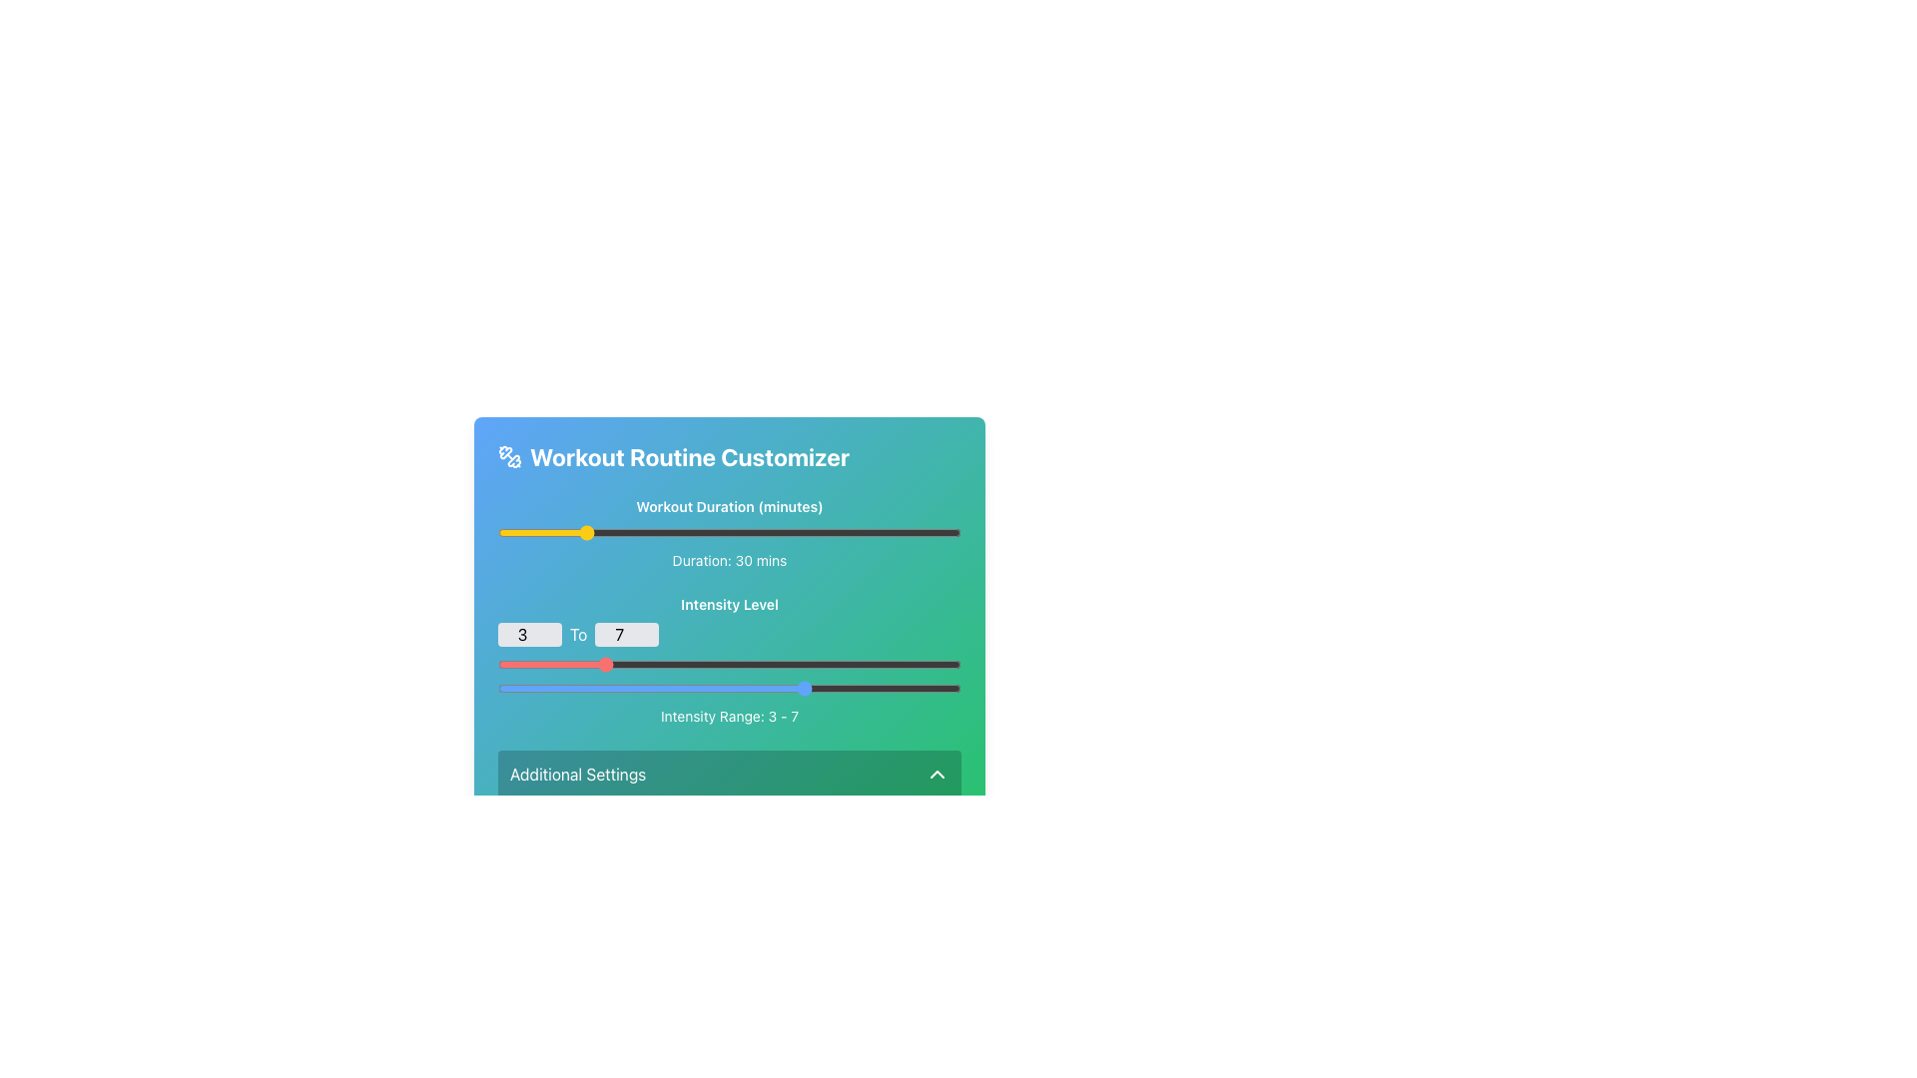 The image size is (1917, 1078). I want to click on the label displaying 'Intensity Range: 3 - 7', which is located at the bottom of the panel under 'Intensity Level' section, so click(728, 715).